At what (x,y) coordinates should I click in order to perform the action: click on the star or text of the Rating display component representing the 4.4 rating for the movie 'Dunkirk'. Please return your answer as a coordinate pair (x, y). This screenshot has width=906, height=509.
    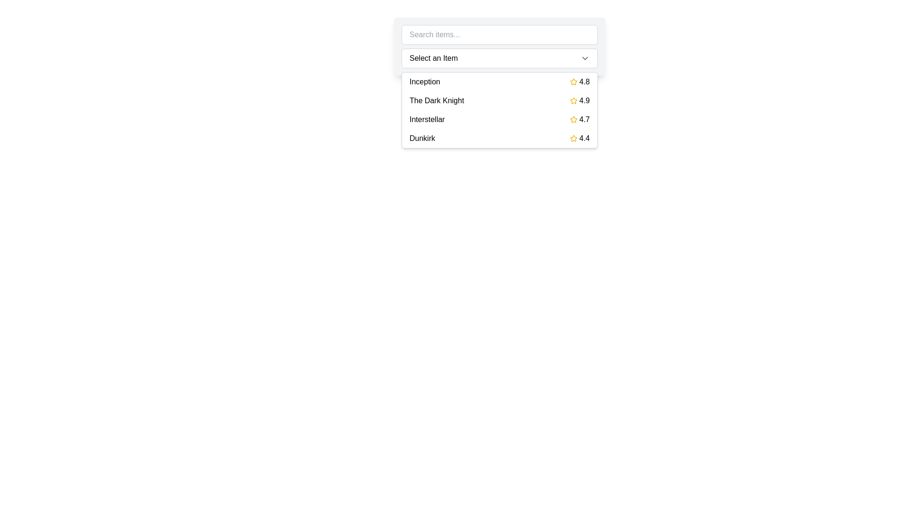
    Looking at the image, I should click on (579, 138).